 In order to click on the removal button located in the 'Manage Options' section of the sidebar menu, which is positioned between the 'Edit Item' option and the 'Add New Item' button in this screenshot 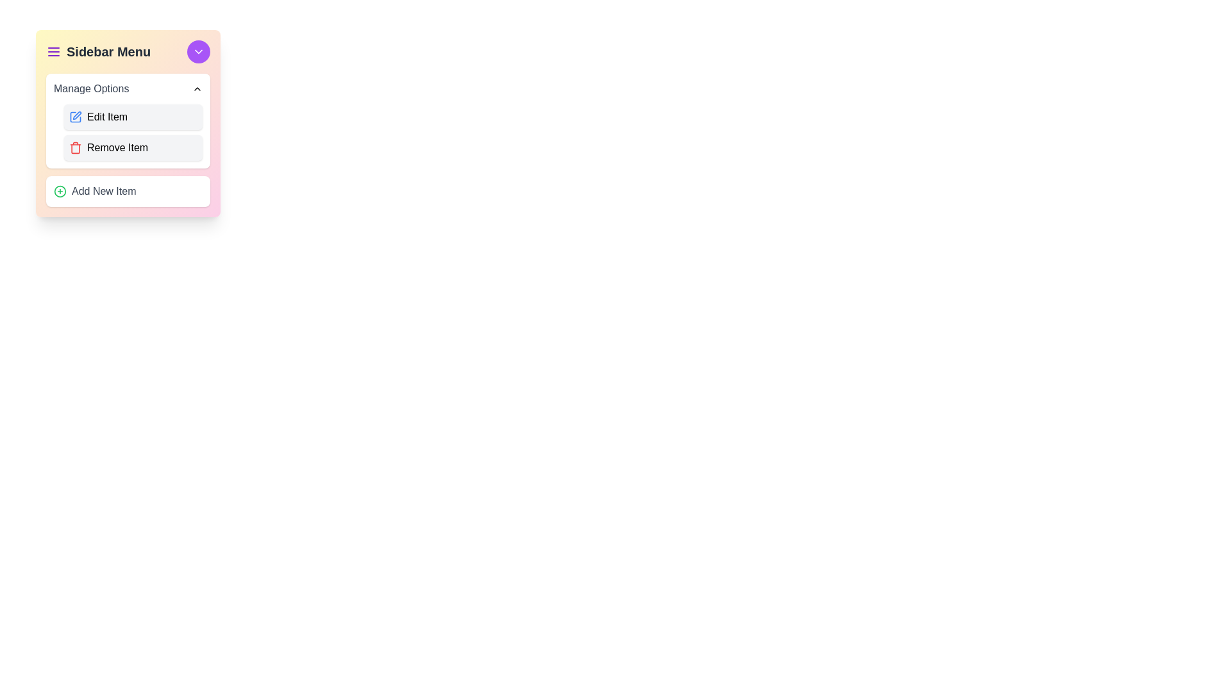, I will do `click(128, 140)`.